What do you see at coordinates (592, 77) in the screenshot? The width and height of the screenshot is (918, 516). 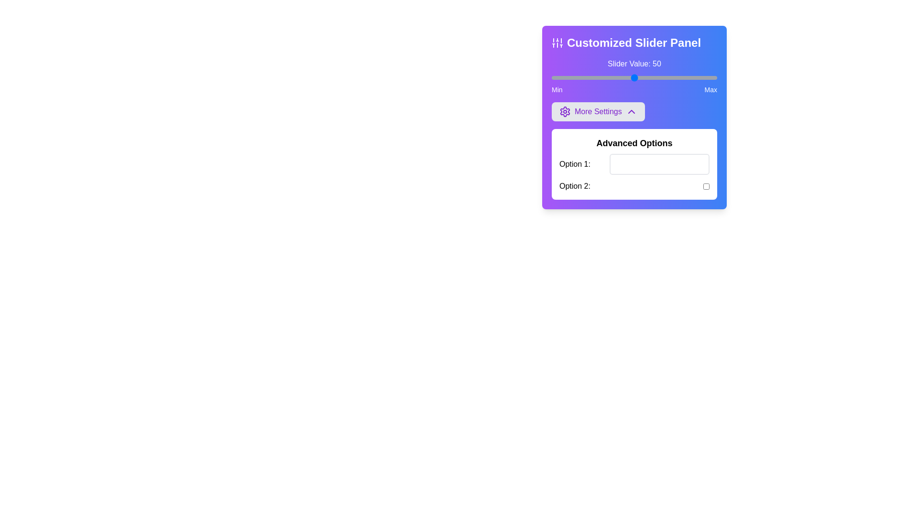 I see `the slider` at bounding box center [592, 77].